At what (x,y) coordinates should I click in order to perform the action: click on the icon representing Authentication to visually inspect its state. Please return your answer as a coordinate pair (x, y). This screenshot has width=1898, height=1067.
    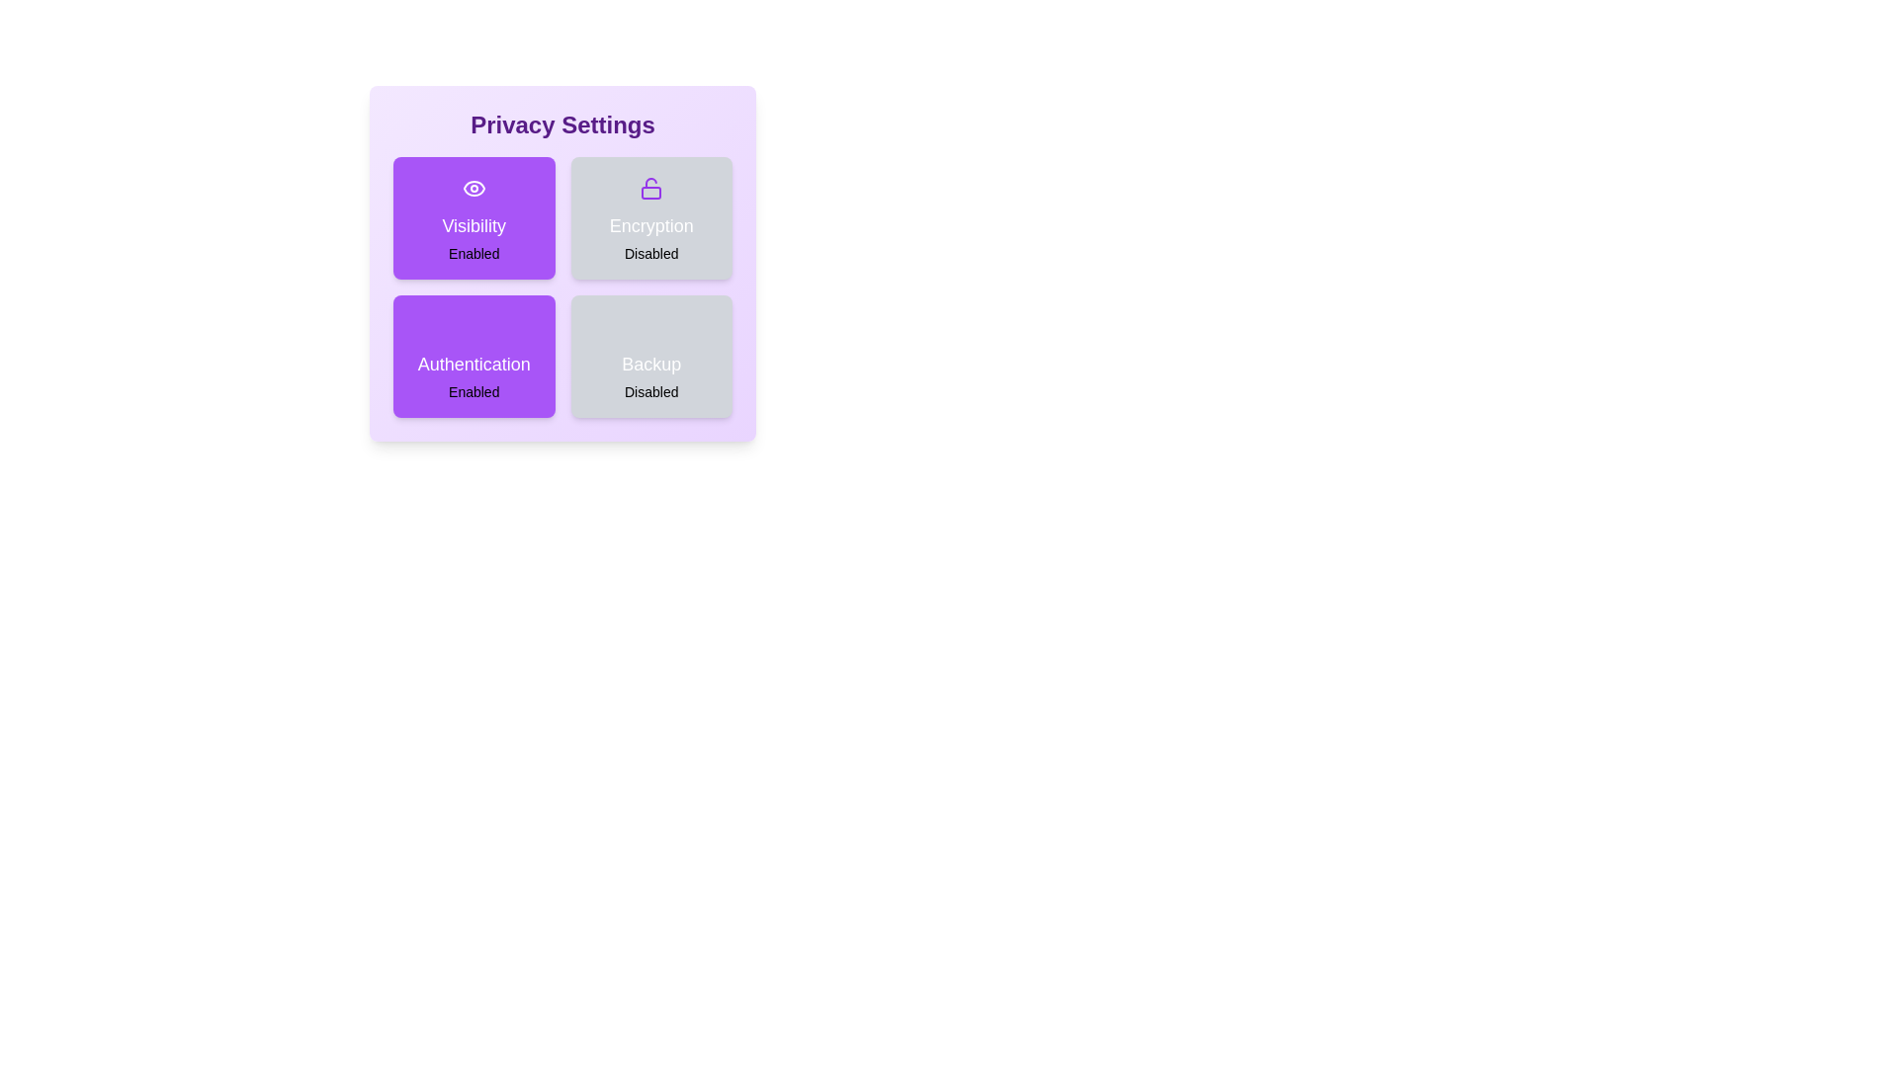
    Looking at the image, I should click on (473, 326).